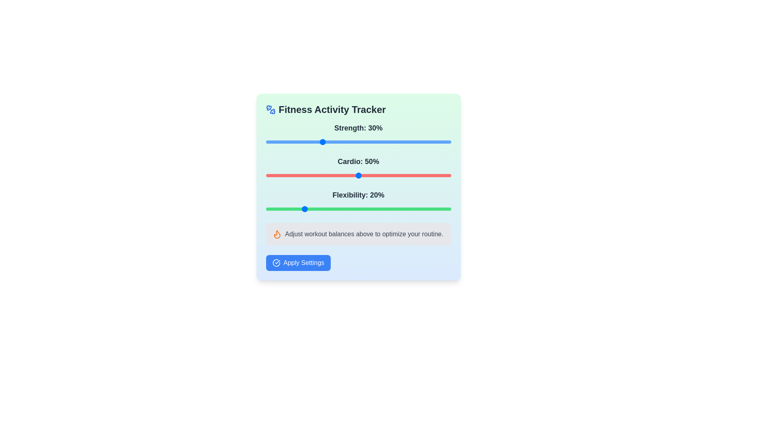  What do you see at coordinates (447, 209) in the screenshot?
I see `the flexibility level` at bounding box center [447, 209].